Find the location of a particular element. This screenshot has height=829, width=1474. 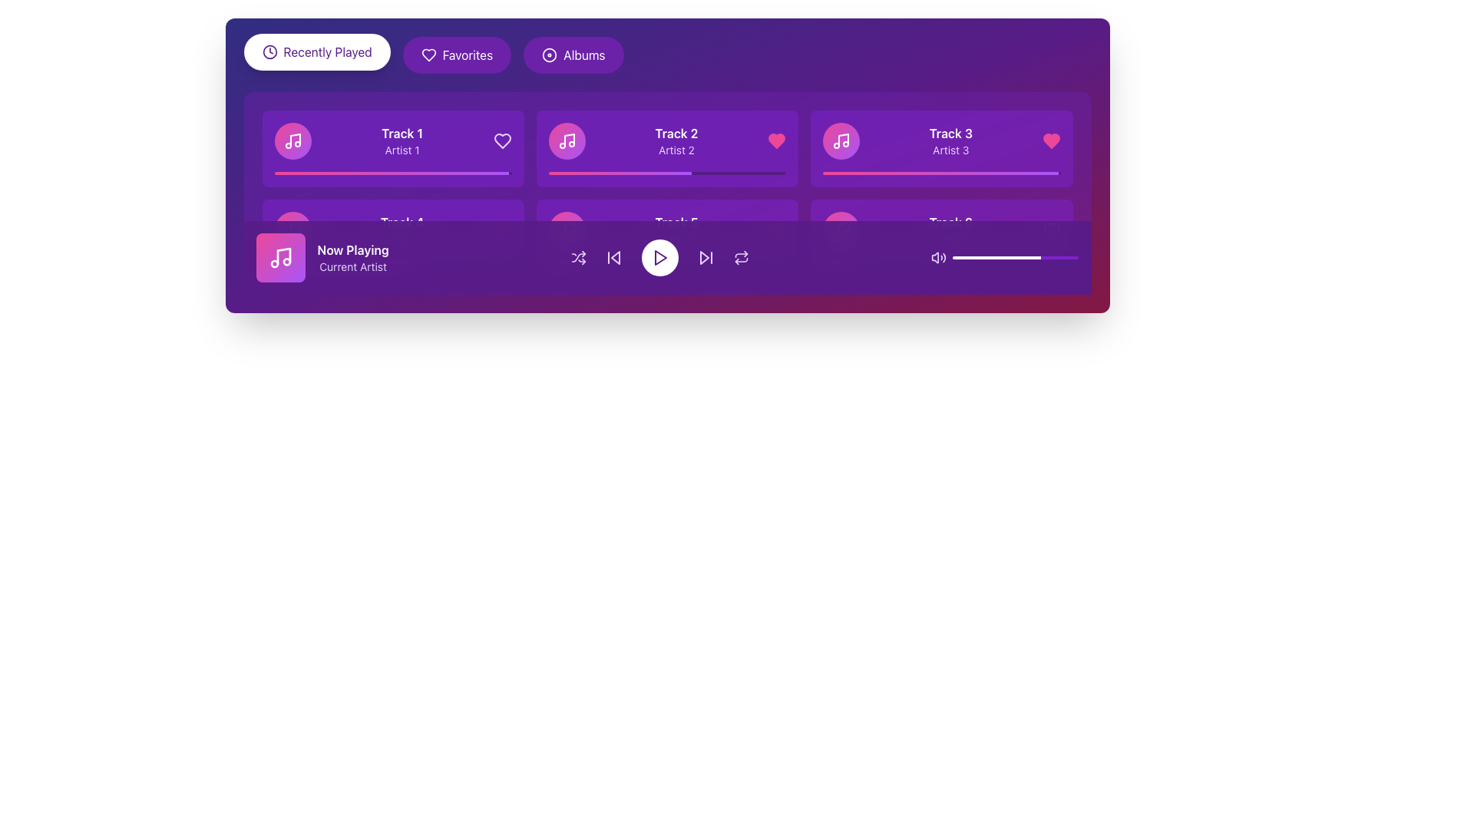

the music icon with a circular note symbol in white, located in the second card of the music grid labeled 'Track 2 Artist 2' is located at coordinates (566, 141).